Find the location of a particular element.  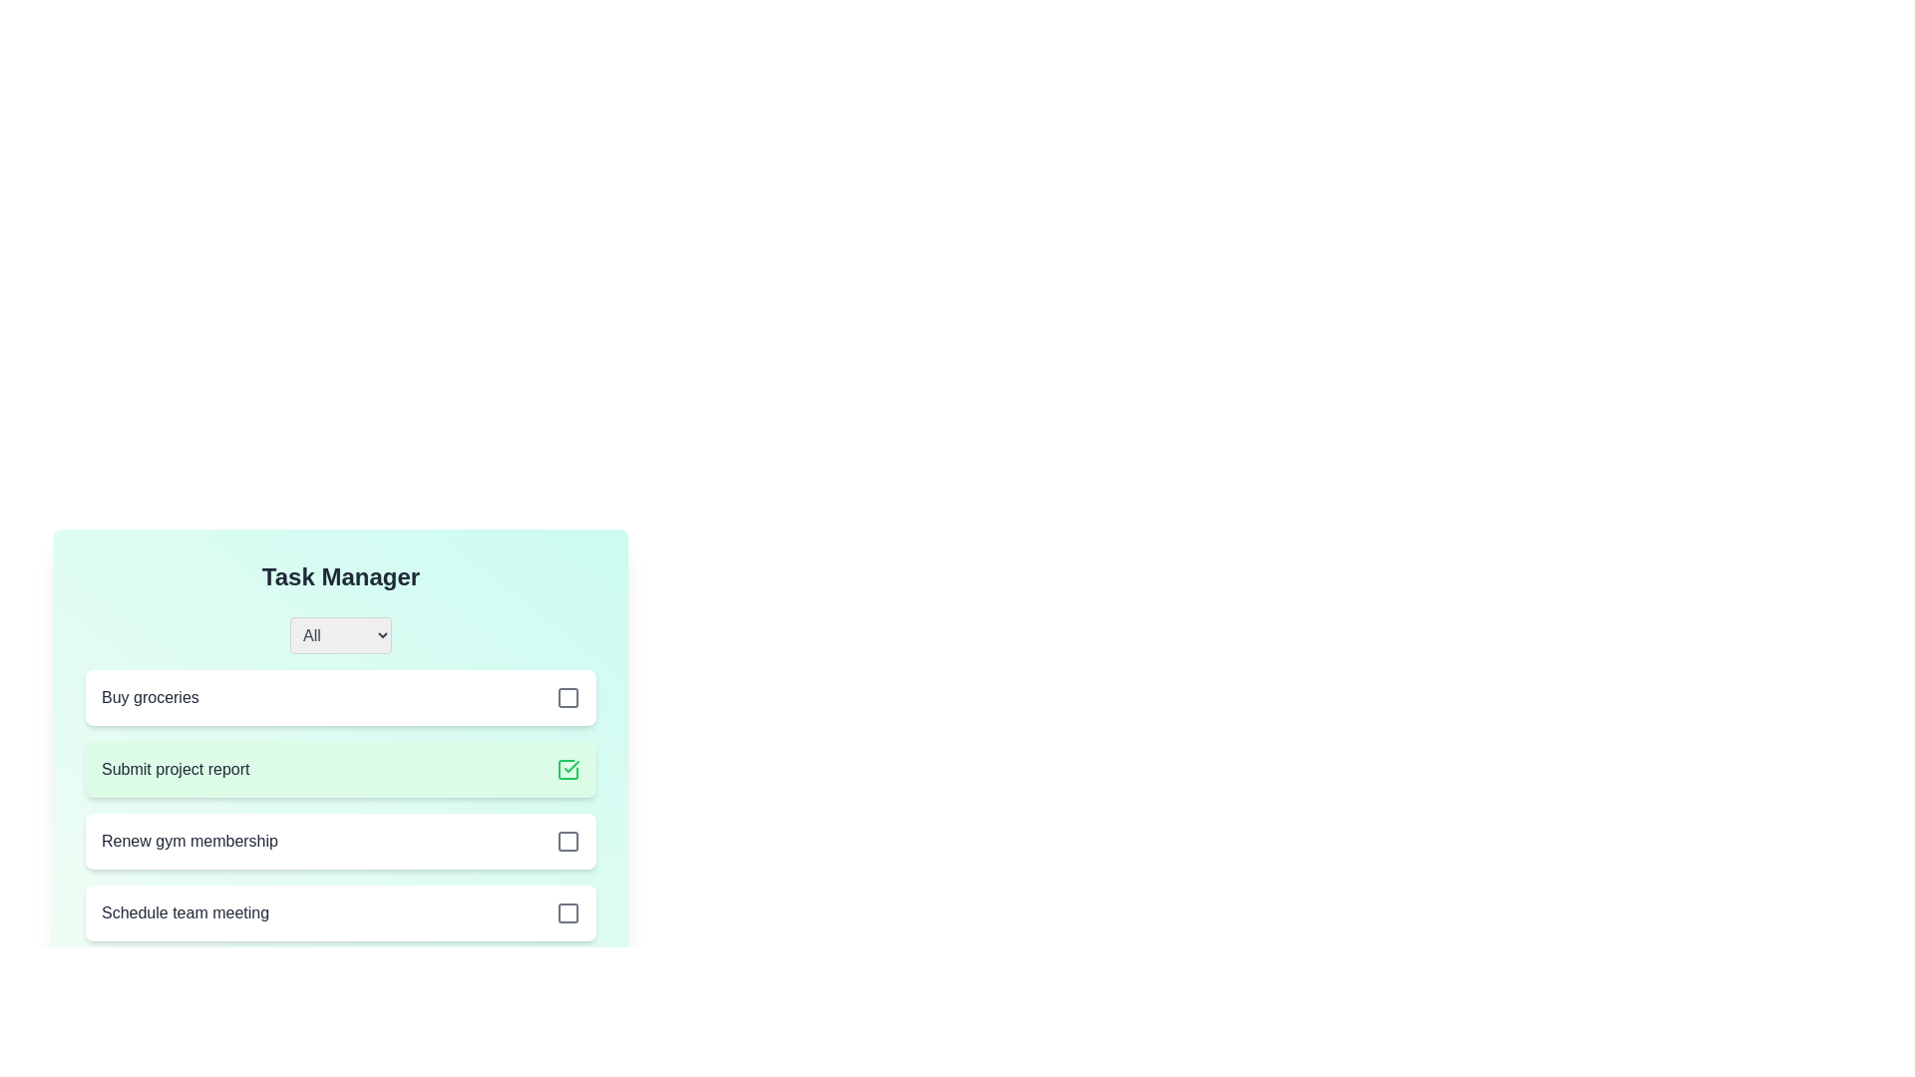

the filter category All from the dropdown menu is located at coordinates (340, 635).